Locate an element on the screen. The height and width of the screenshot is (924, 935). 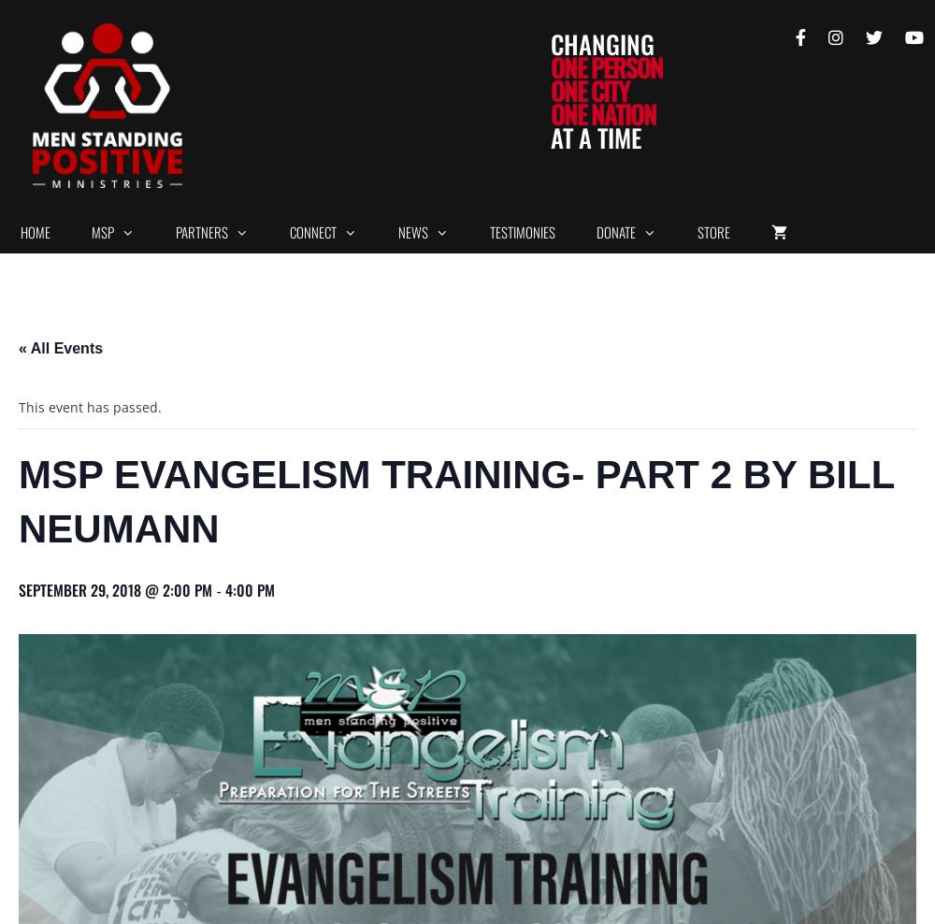
'MSP' is located at coordinates (102, 231).